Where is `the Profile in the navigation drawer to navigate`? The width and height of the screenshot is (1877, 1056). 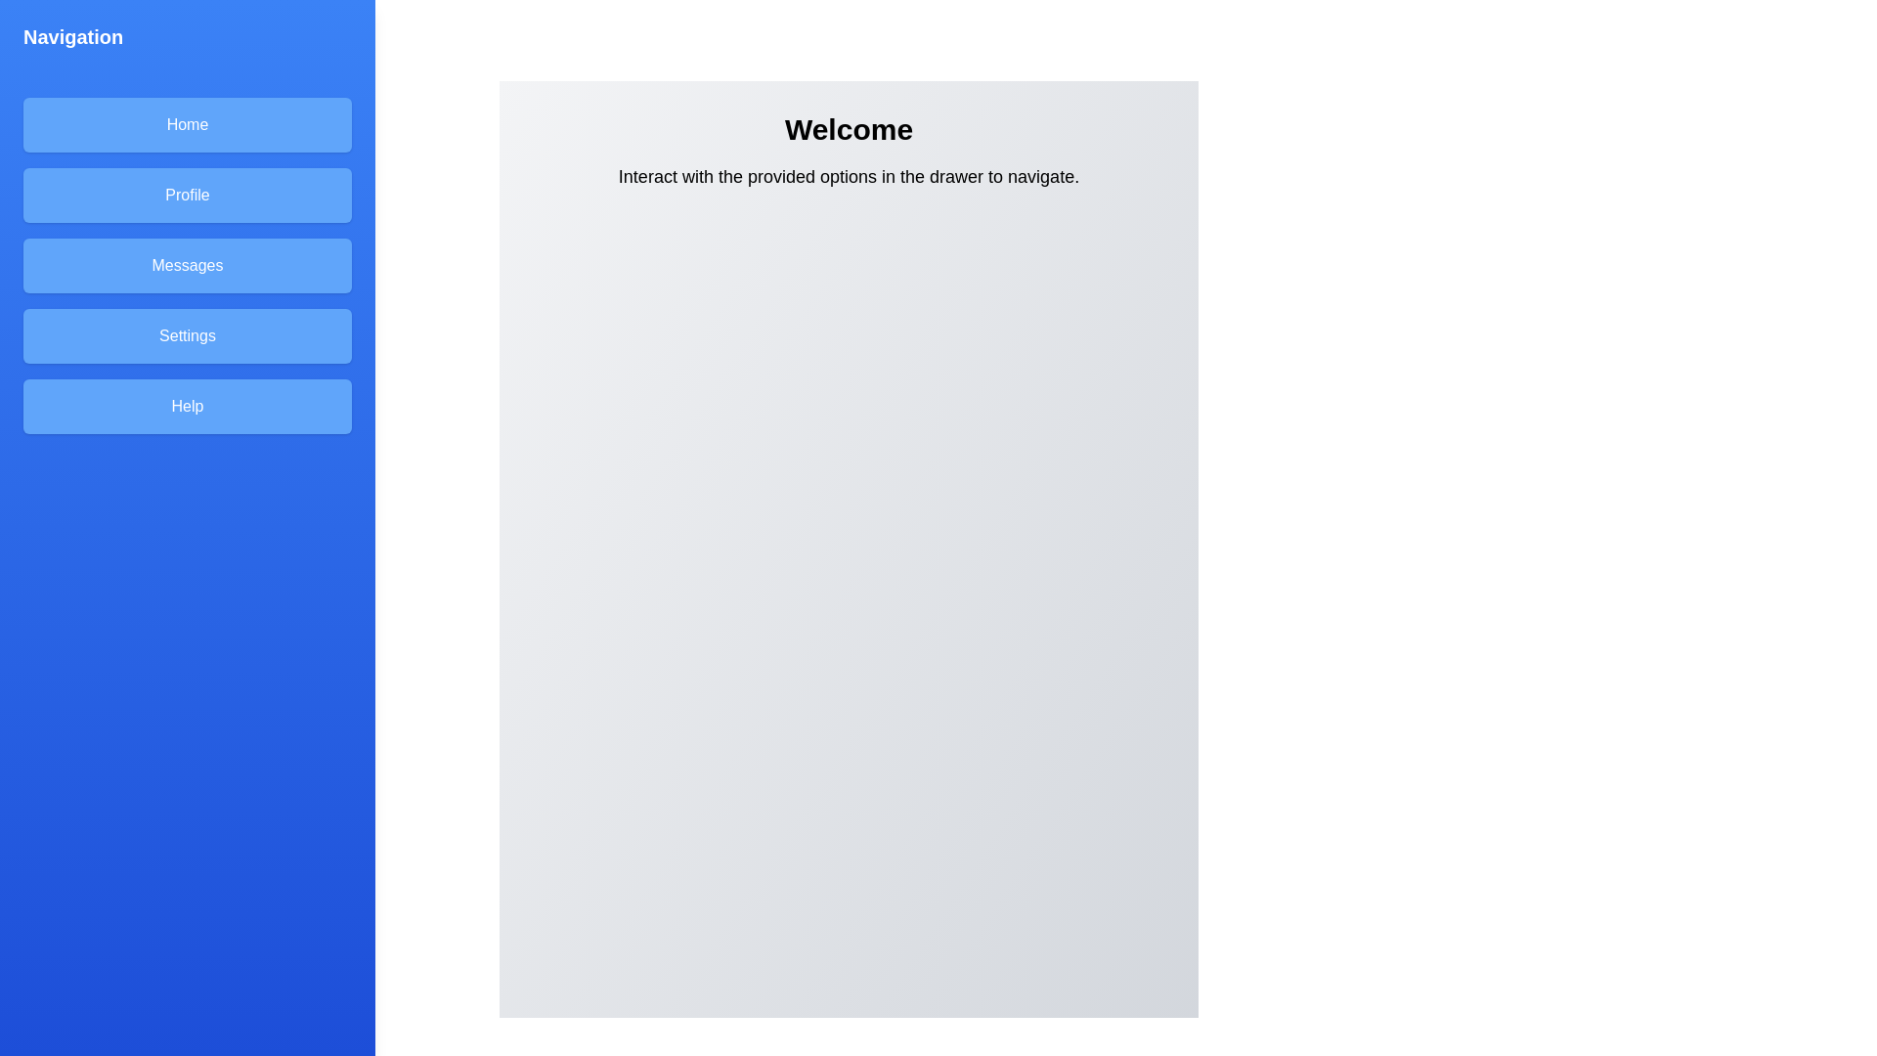 the Profile in the navigation drawer to navigate is located at coordinates (188, 196).